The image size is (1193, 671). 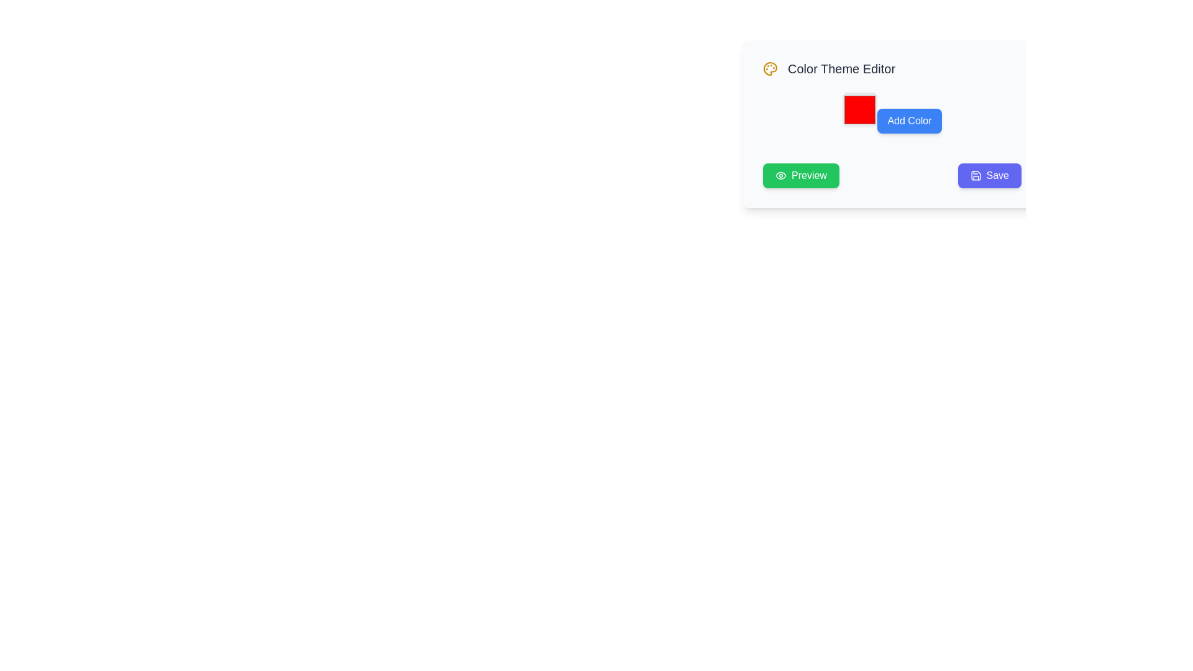 I want to click on the icon located in the bottom-right corner of the UI card, adjacent to the 'Save' button, which has a purple background and signifies saving configurations, so click(x=975, y=175).